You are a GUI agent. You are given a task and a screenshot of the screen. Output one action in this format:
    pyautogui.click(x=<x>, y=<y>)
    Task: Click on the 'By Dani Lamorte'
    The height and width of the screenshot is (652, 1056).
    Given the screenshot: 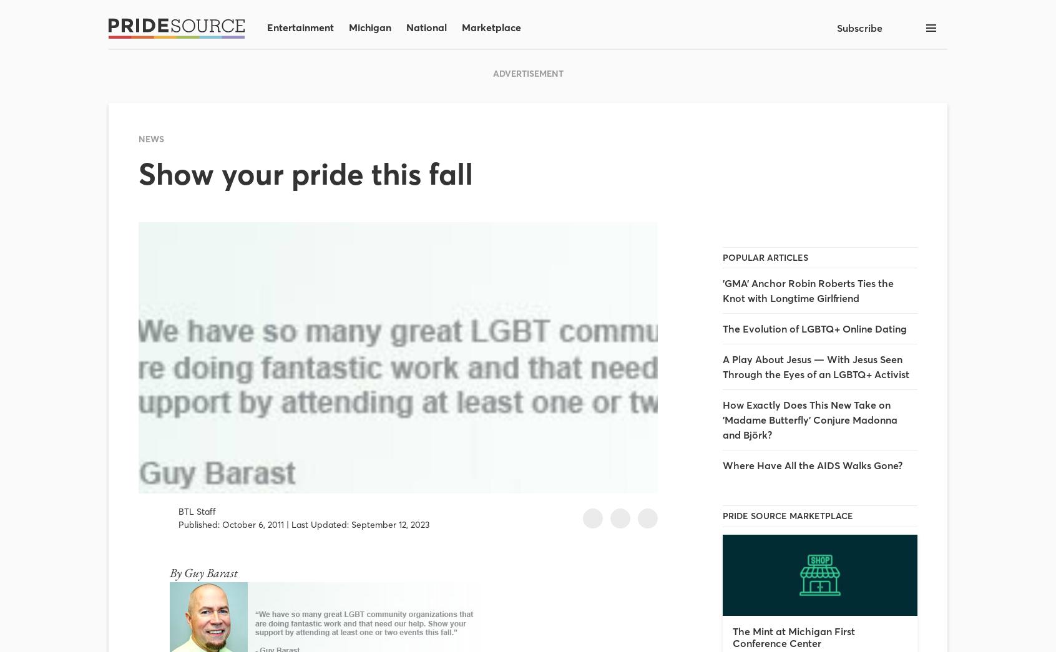 What is the action you would take?
    pyautogui.click(x=567, y=355)
    